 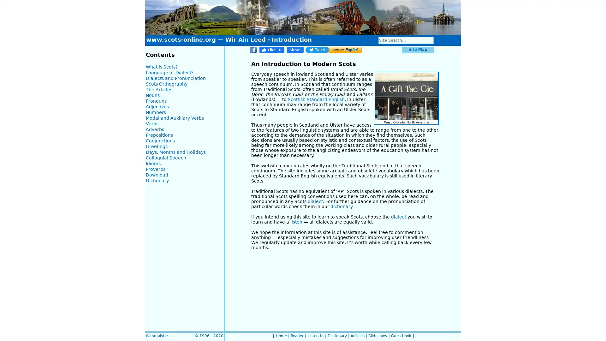 I want to click on Donate with PayPal button, so click(x=345, y=50).